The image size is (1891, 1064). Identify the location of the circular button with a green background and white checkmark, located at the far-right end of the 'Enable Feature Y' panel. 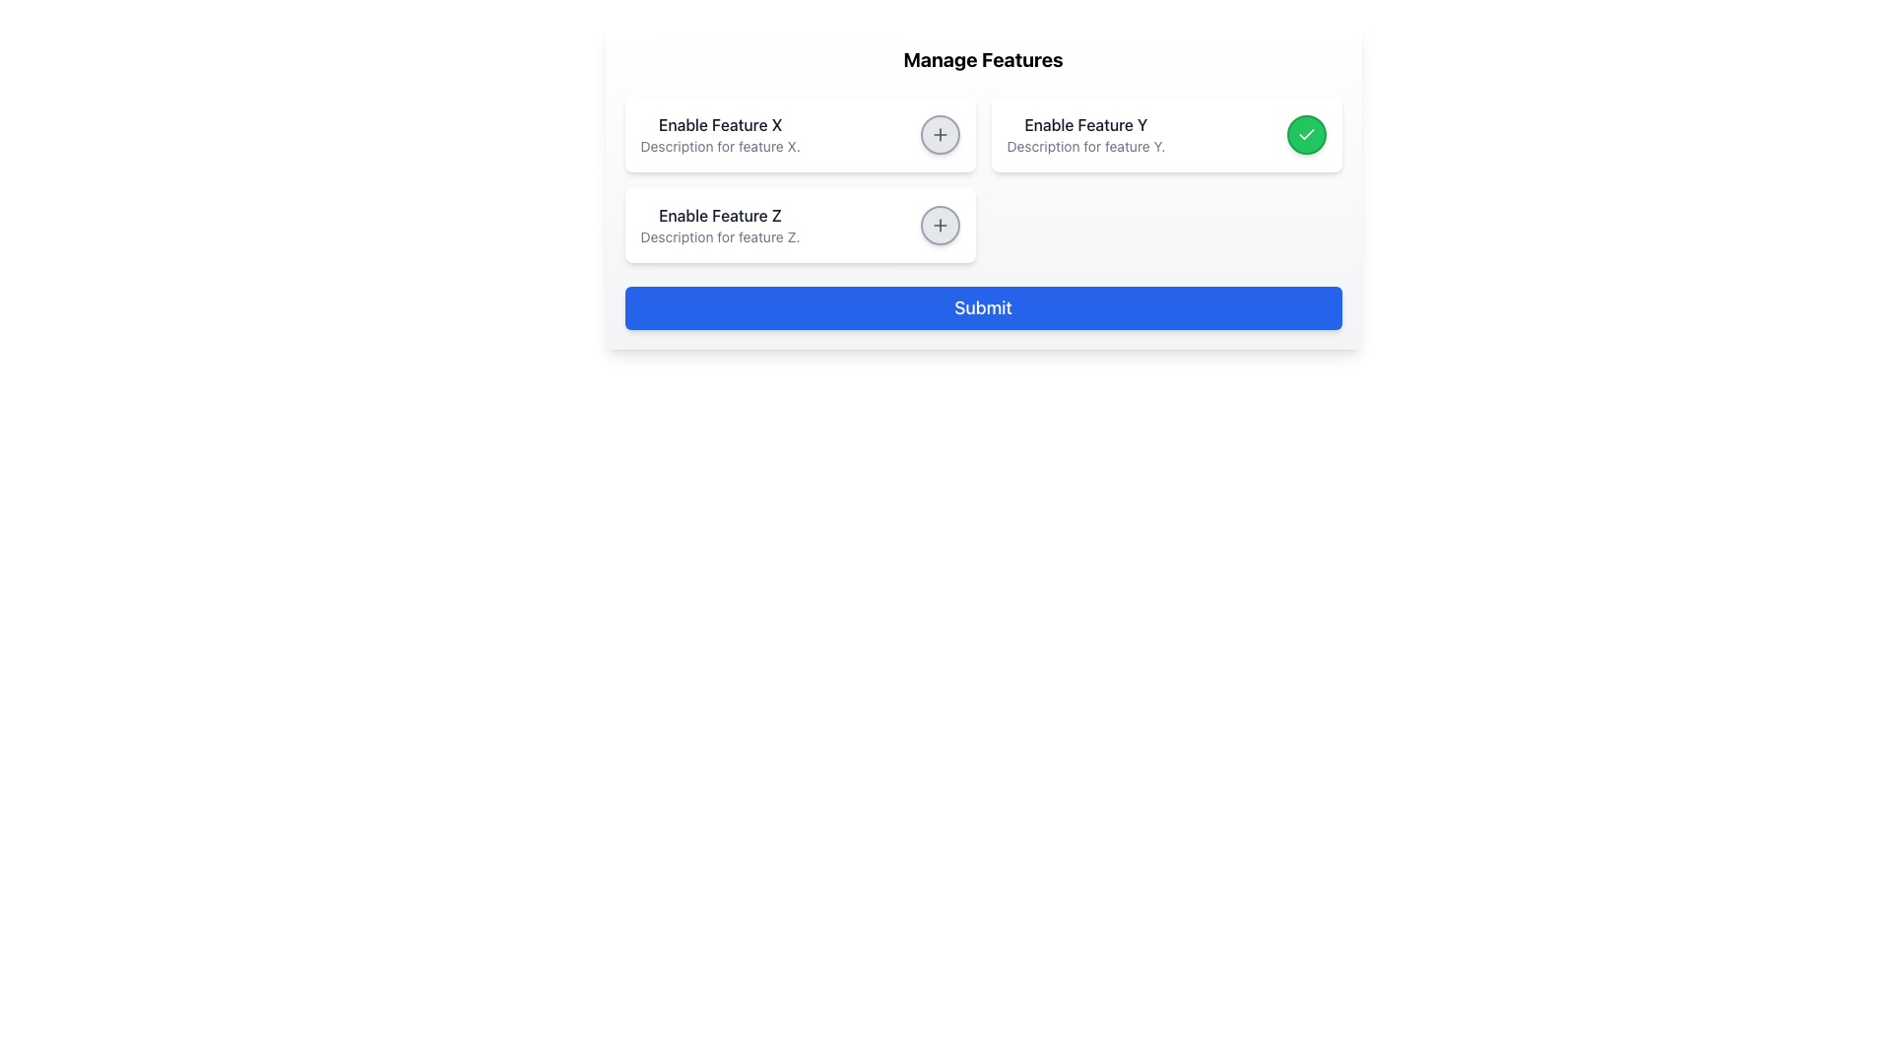
(1306, 134).